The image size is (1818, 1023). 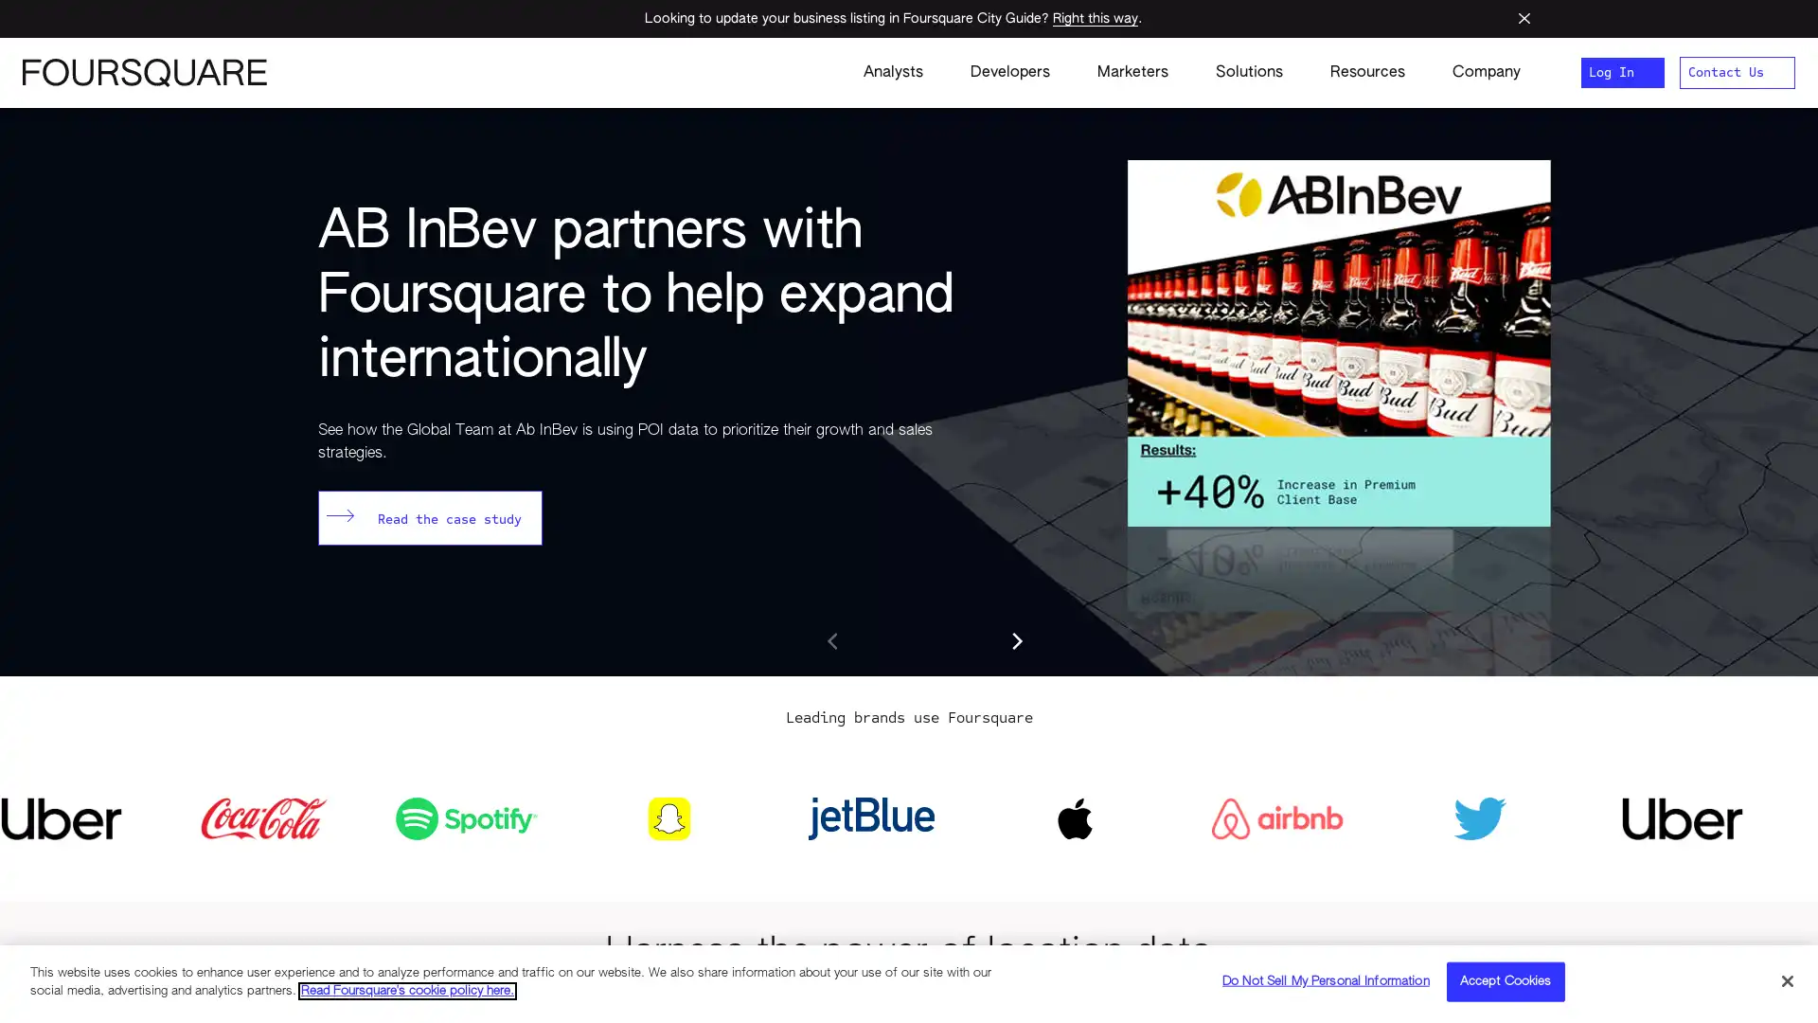 I want to click on Solutions, so click(x=1249, y=72).